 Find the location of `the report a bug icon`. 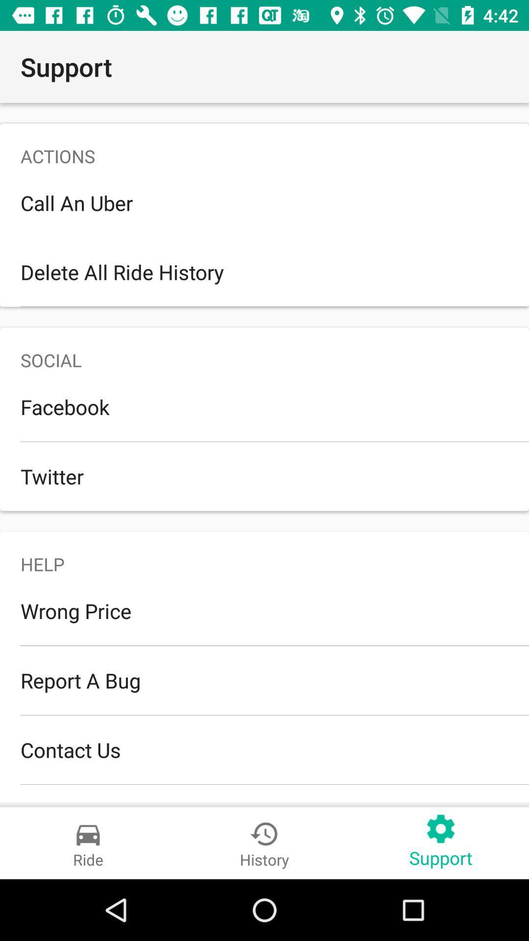

the report a bug icon is located at coordinates (264, 680).